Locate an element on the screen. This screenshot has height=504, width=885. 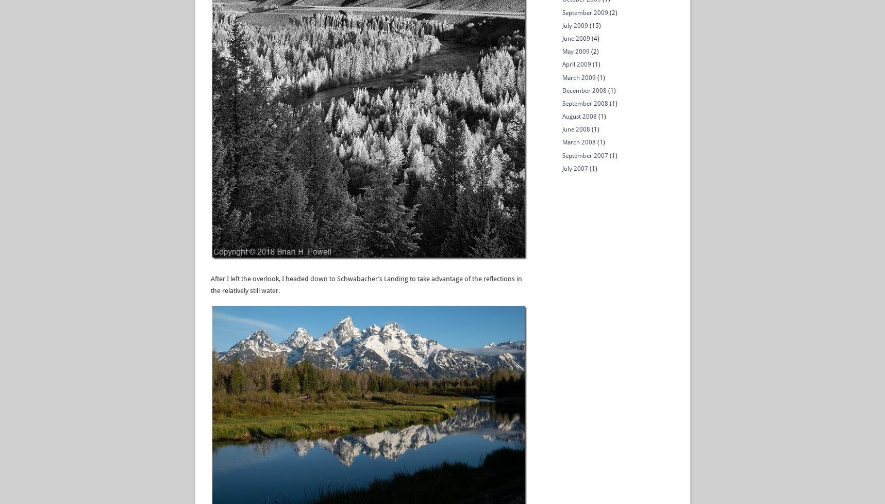
'December 2008' is located at coordinates (584, 89).